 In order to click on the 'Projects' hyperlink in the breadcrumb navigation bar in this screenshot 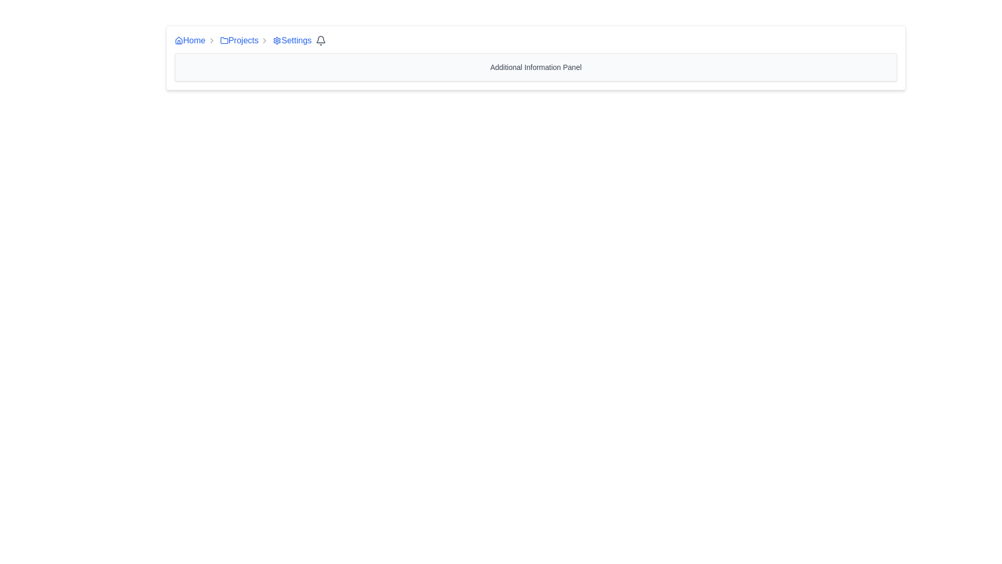, I will do `click(238, 40)`.